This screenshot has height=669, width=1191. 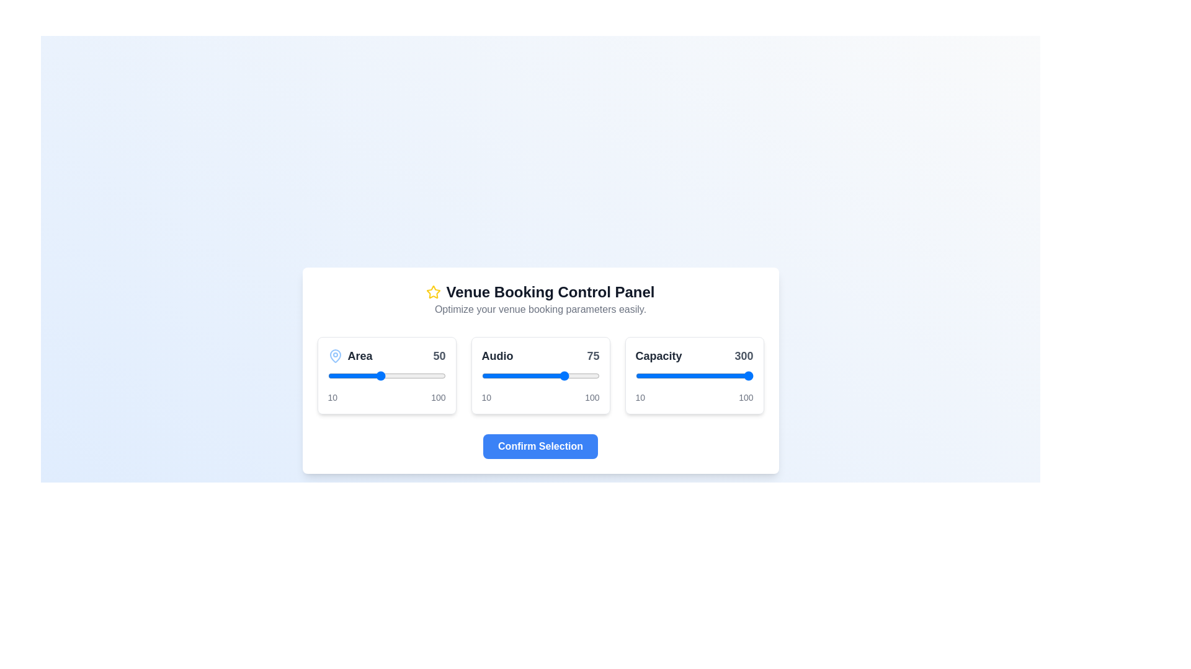 What do you see at coordinates (535, 375) in the screenshot?
I see `the audio level` at bounding box center [535, 375].